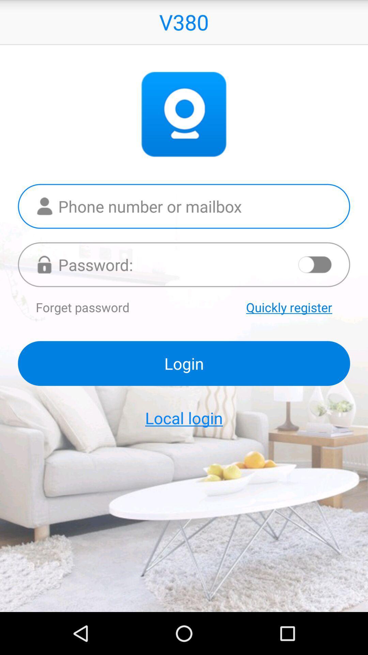 Image resolution: width=368 pixels, height=655 pixels. What do you see at coordinates (184, 206) in the screenshot?
I see `text box` at bounding box center [184, 206].